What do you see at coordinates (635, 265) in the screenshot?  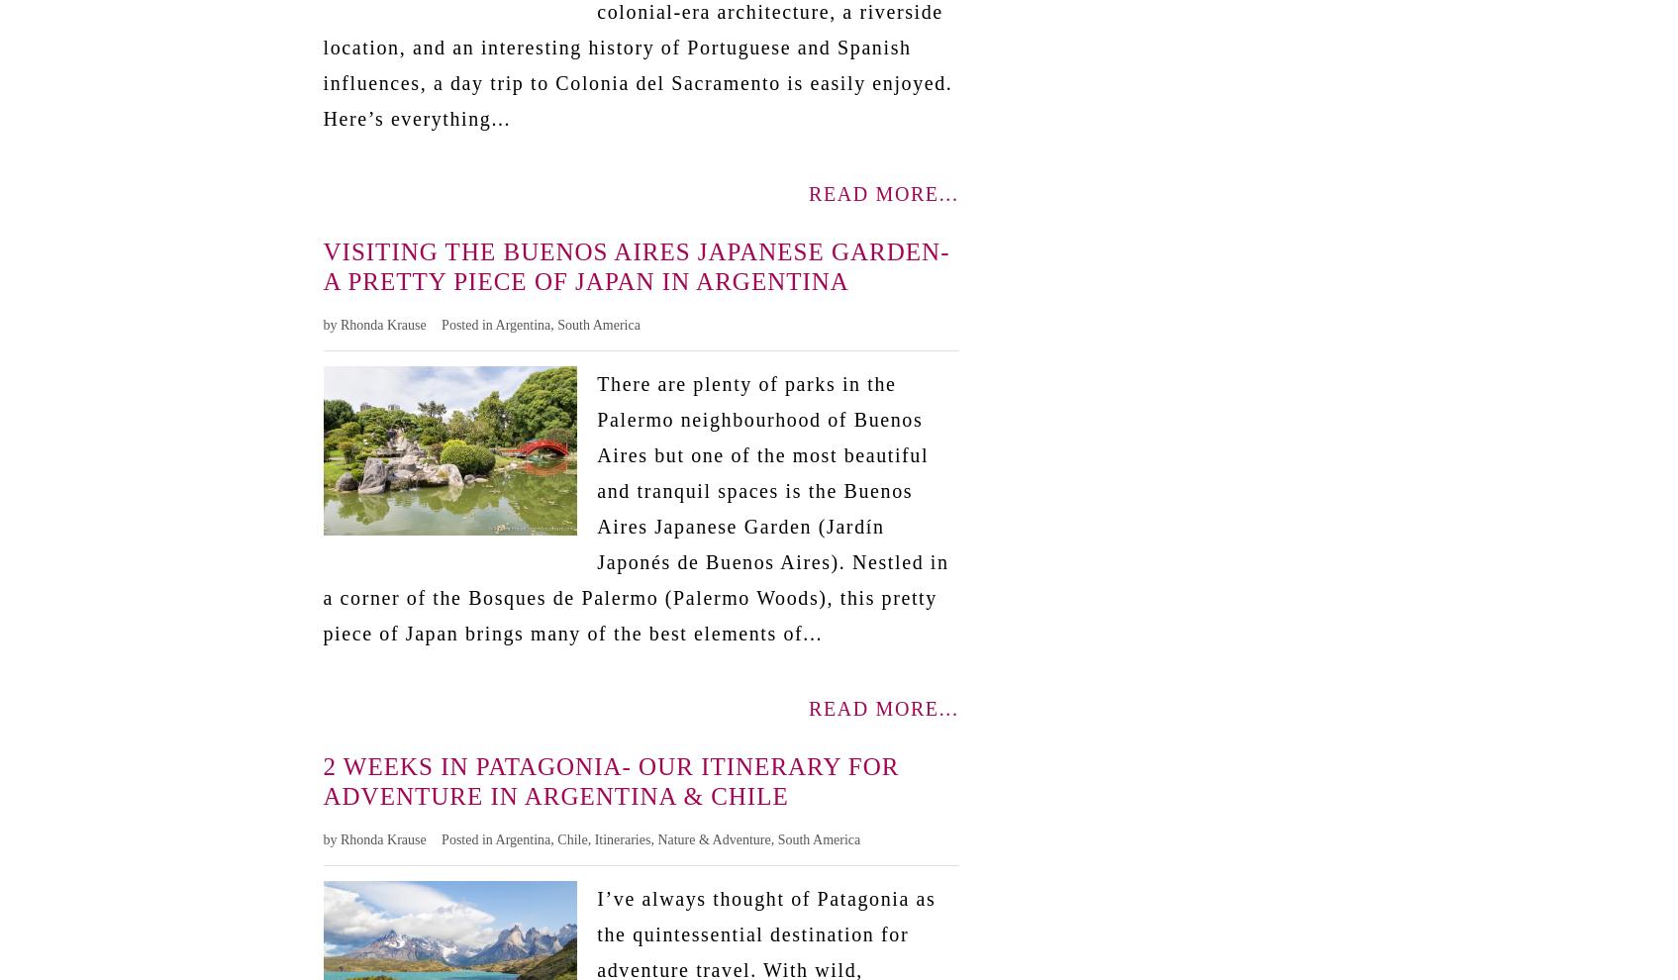 I see `'Visiting the Buenos Aires Japanese Garden- A Pretty Piece of Japan in Argentina'` at bounding box center [635, 265].